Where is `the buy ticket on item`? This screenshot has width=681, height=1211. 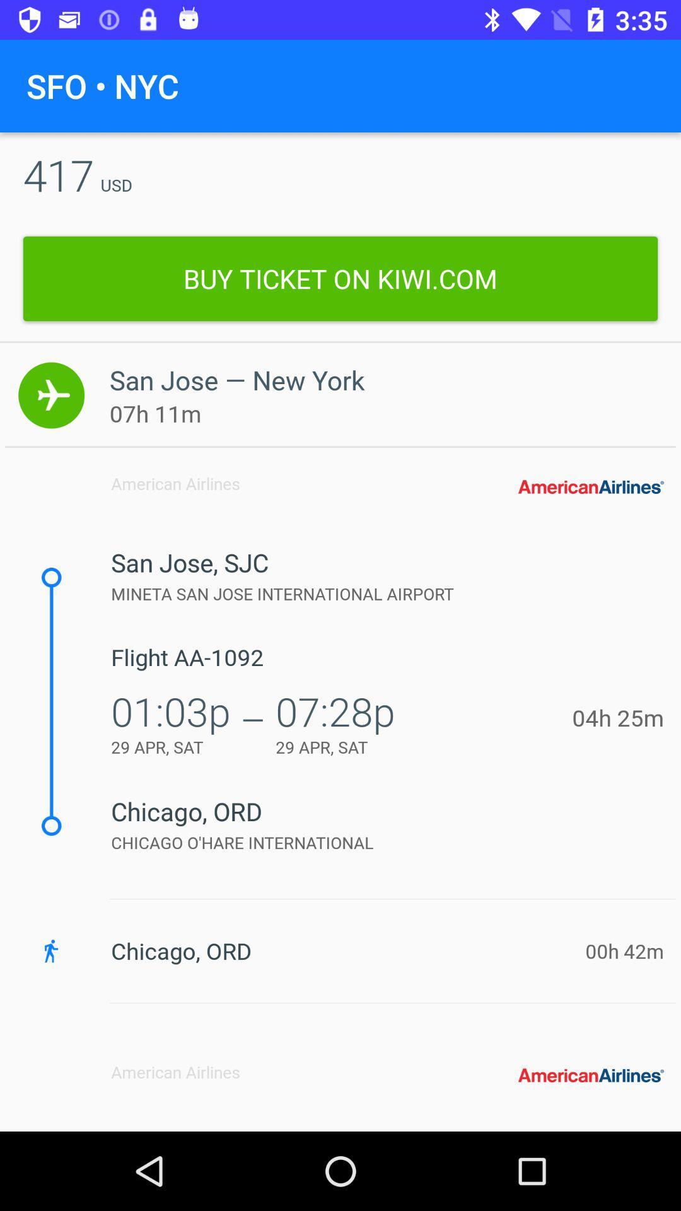 the buy ticket on item is located at coordinates (340, 278).